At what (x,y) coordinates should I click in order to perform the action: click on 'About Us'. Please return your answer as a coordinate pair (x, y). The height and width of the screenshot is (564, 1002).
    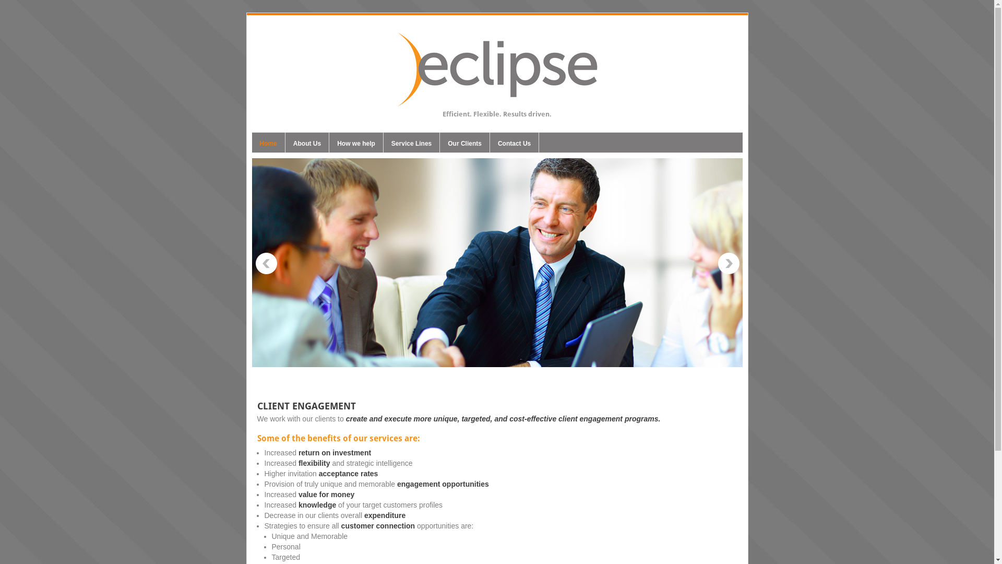
    Looking at the image, I should click on (306, 145).